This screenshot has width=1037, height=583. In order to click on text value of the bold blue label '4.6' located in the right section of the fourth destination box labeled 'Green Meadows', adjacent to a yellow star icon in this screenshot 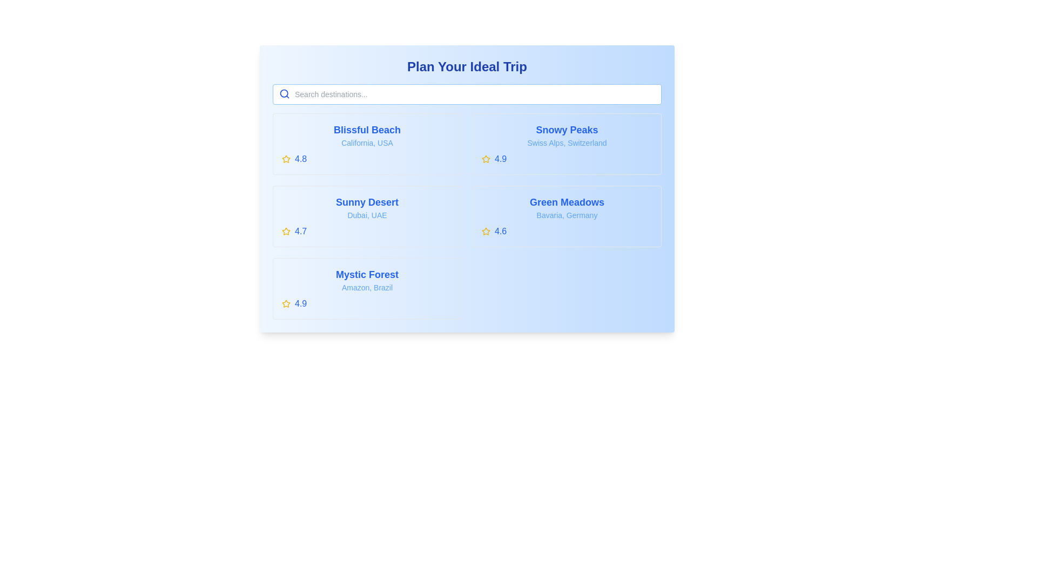, I will do `click(500, 231)`.